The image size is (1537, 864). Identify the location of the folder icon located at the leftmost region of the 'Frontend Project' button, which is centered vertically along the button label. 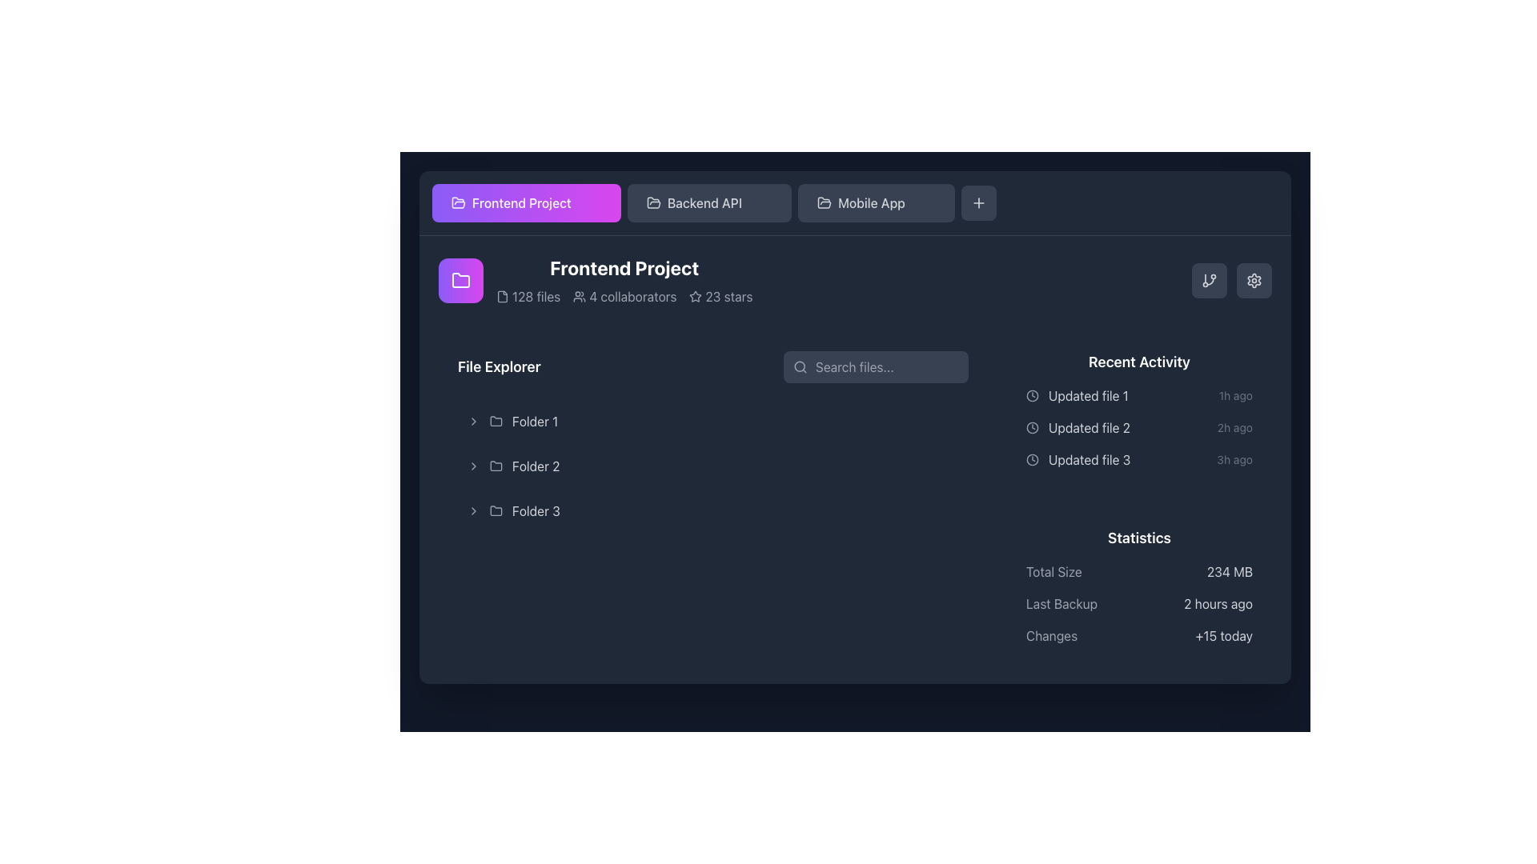
(457, 202).